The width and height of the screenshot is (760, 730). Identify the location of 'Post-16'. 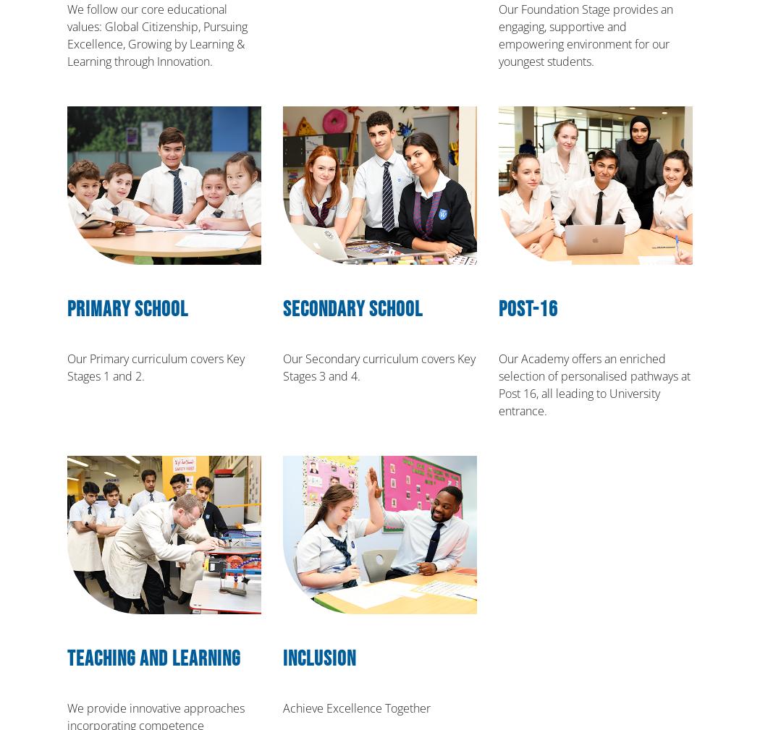
(497, 309).